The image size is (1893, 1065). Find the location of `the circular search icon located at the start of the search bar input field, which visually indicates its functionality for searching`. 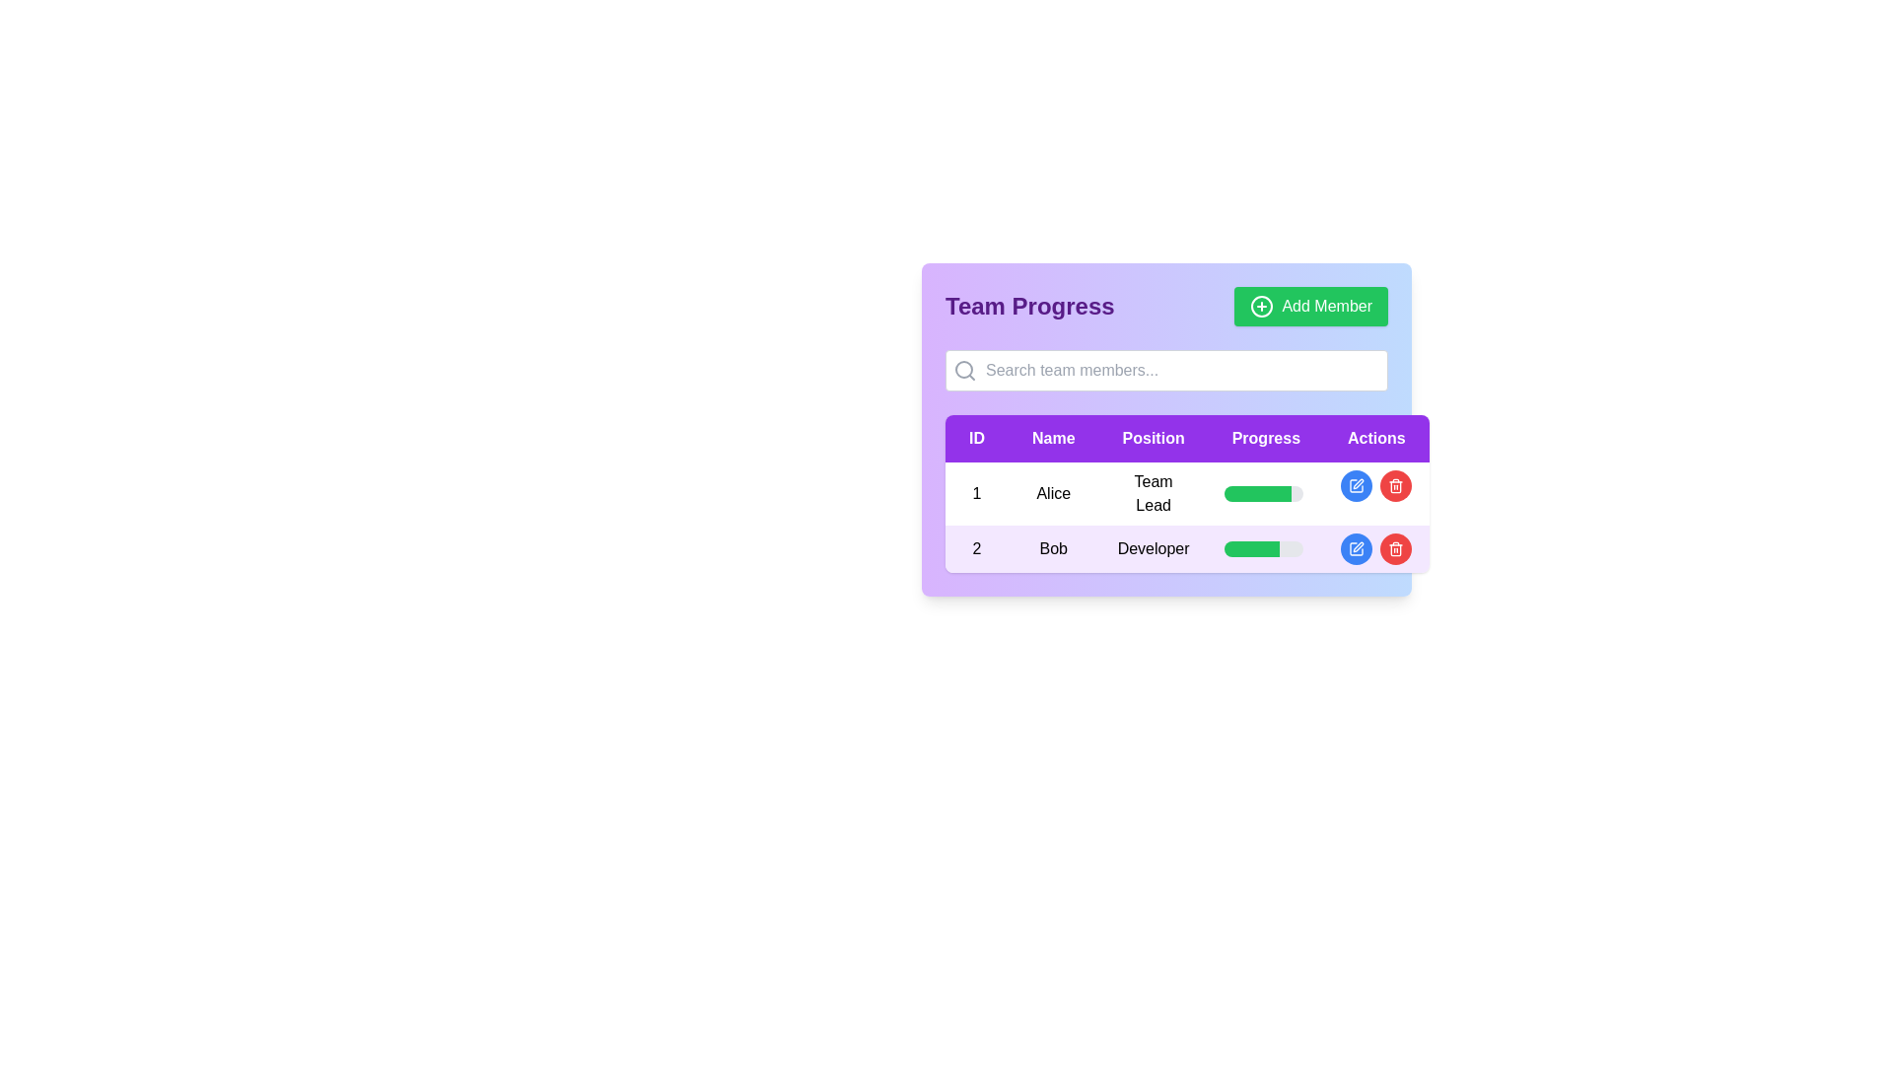

the circular search icon located at the start of the search bar input field, which visually indicates its functionality for searching is located at coordinates (964, 369).